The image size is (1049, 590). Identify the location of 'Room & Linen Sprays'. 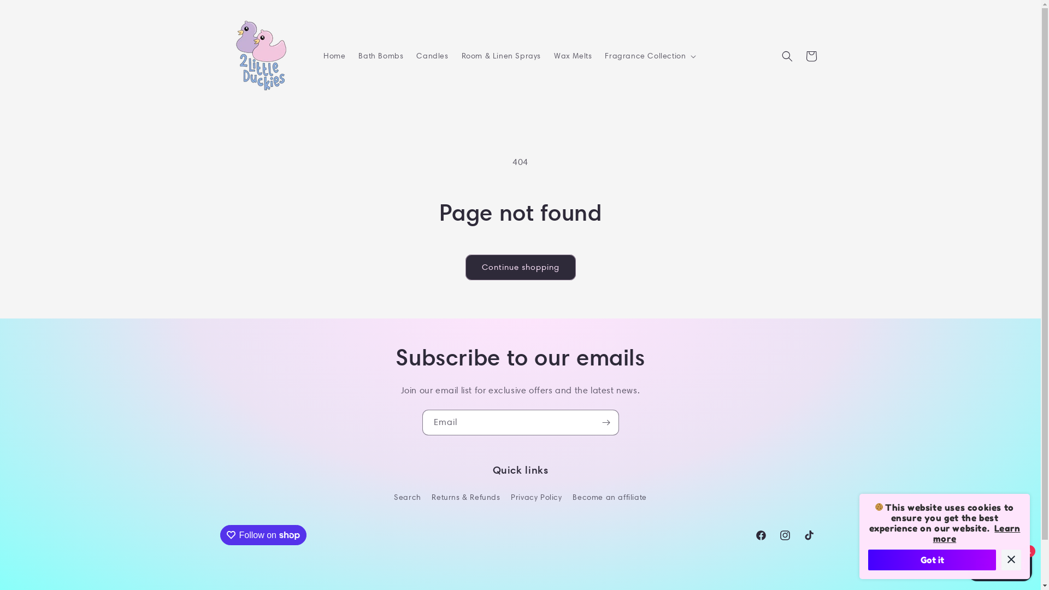
(500, 55).